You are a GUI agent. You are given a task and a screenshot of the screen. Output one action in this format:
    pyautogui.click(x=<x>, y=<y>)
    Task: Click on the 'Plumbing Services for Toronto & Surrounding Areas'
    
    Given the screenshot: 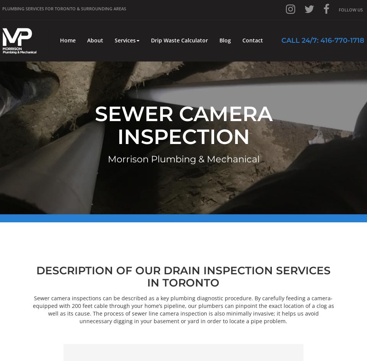 What is the action you would take?
    pyautogui.click(x=64, y=8)
    